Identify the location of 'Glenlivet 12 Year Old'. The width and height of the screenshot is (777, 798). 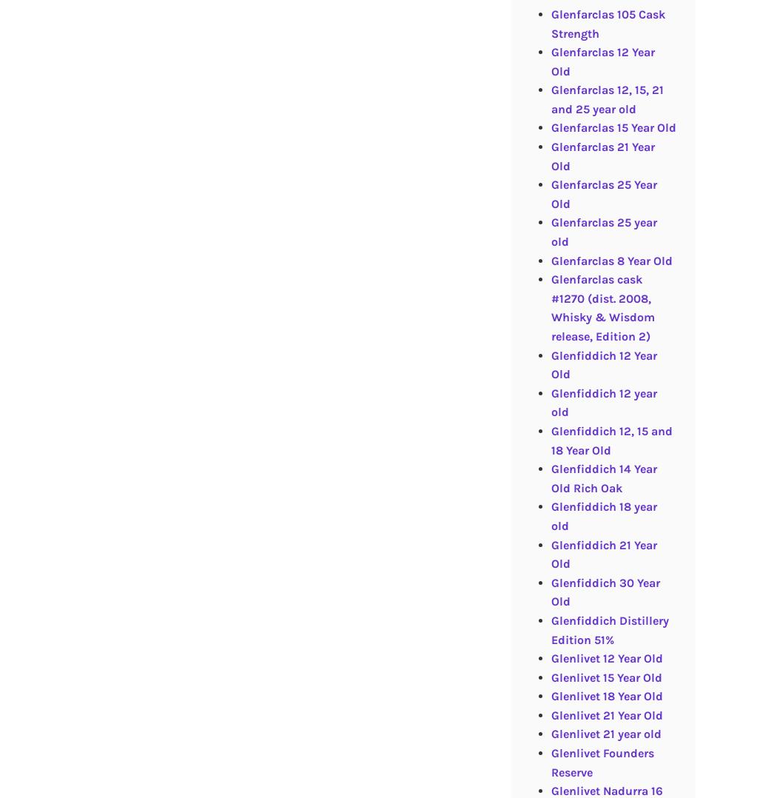
(605, 658).